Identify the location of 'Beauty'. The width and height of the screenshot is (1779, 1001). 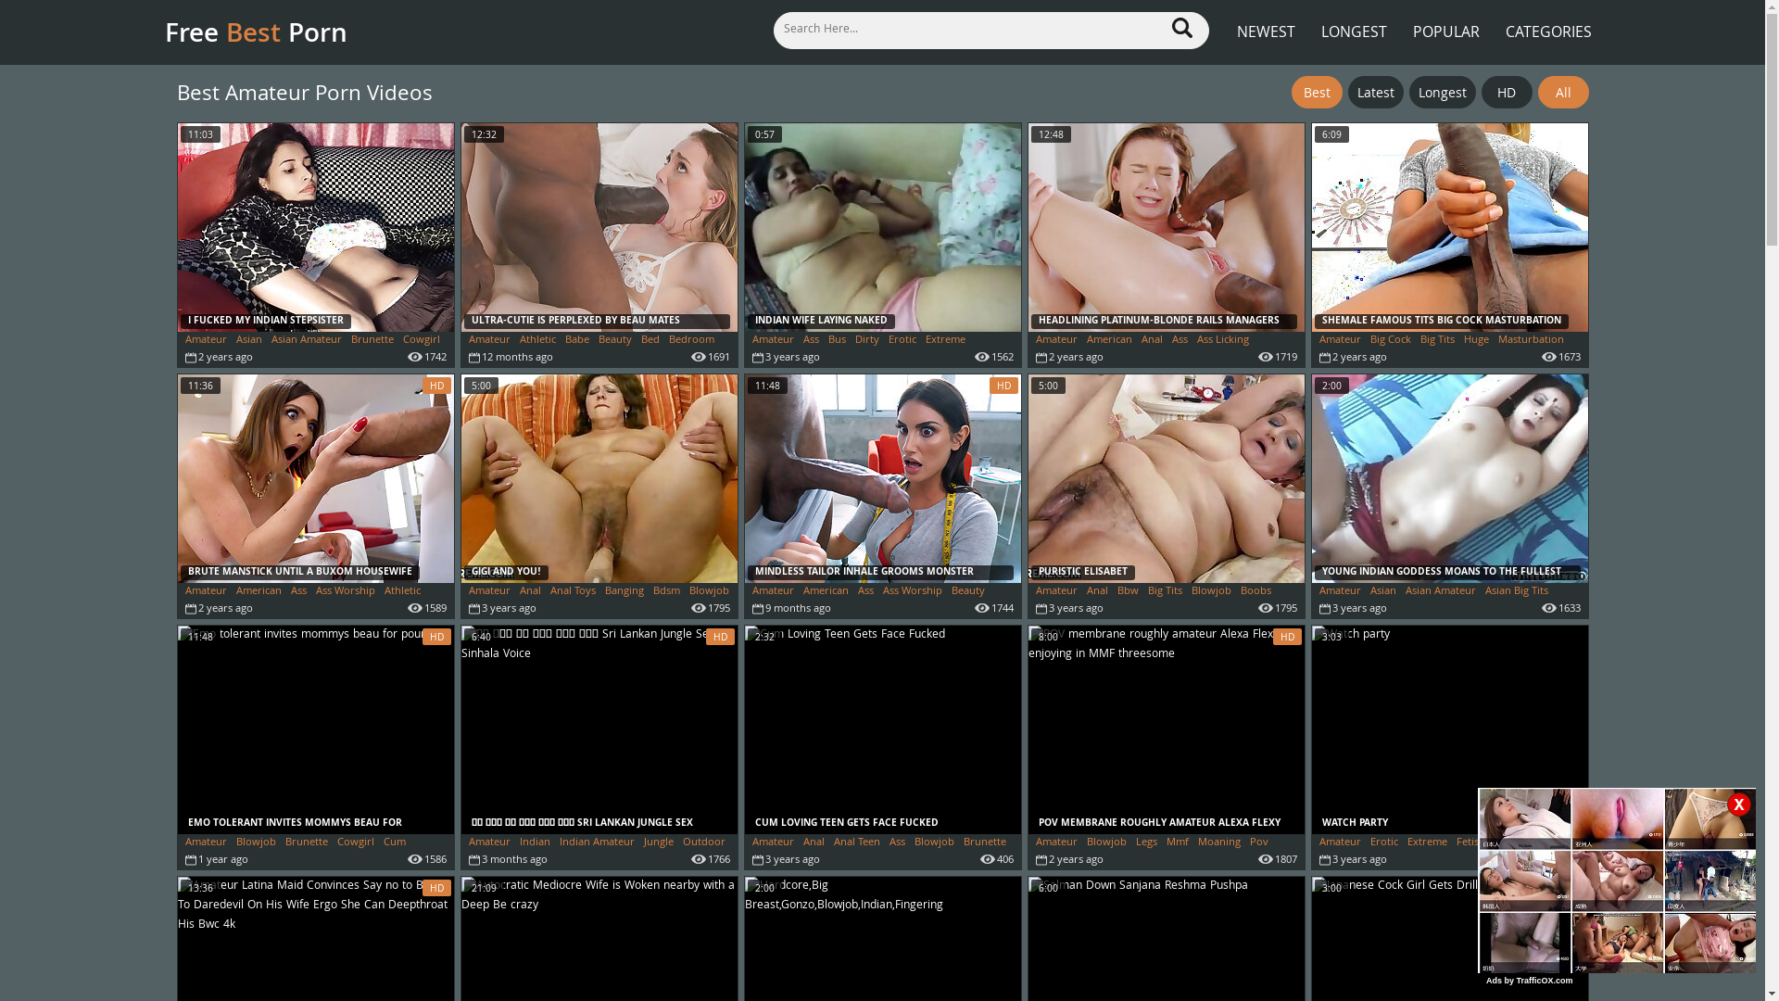
(951, 591).